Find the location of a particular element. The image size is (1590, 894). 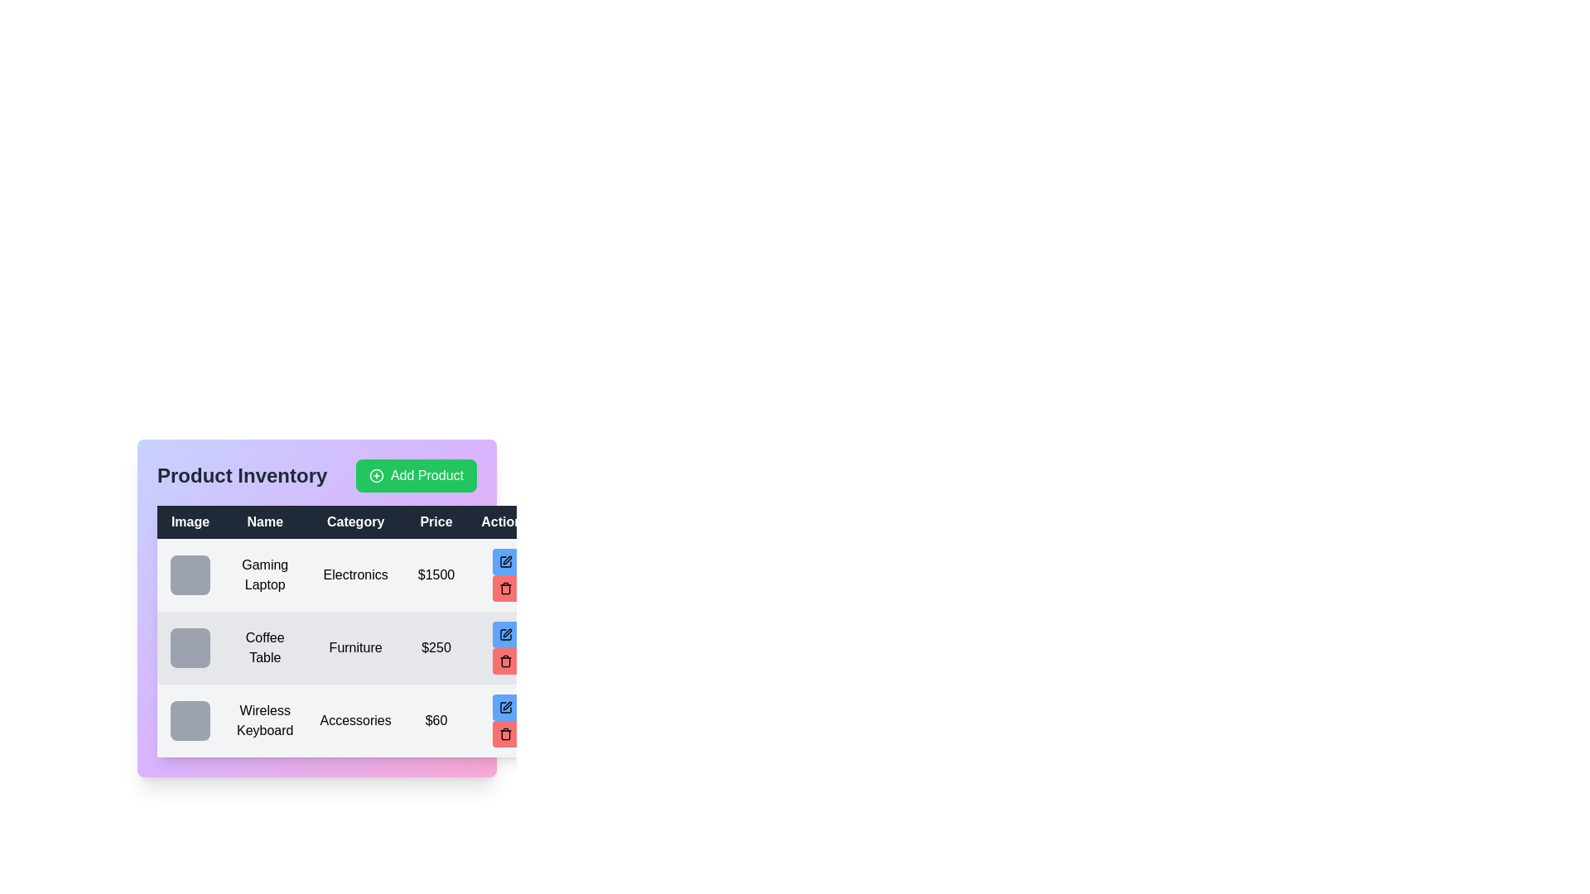

the 'Electronics' text label in the third column of the first row under the 'Category' header is located at coordinates (354, 574).